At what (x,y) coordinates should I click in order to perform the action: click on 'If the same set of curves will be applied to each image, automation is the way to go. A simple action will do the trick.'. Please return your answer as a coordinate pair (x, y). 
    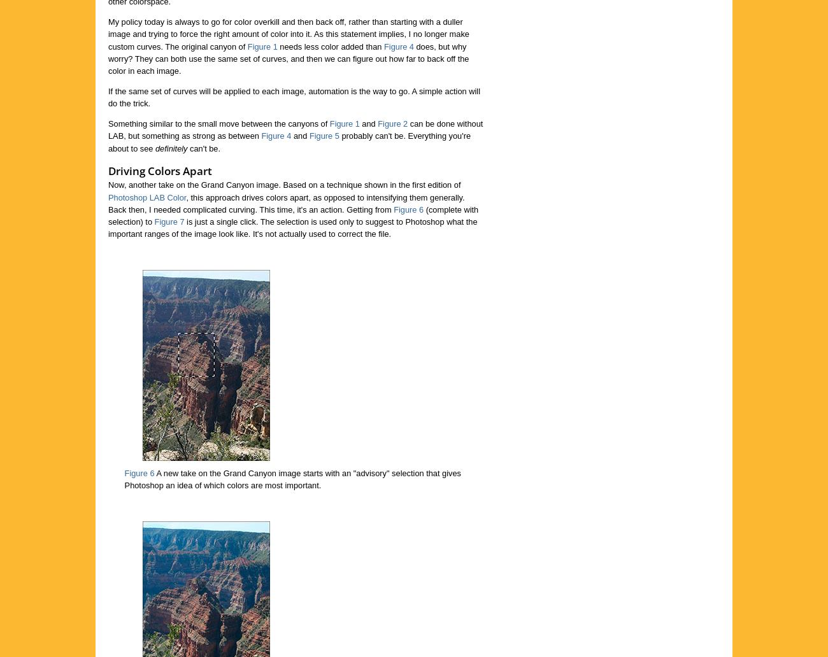
    Looking at the image, I should click on (293, 96).